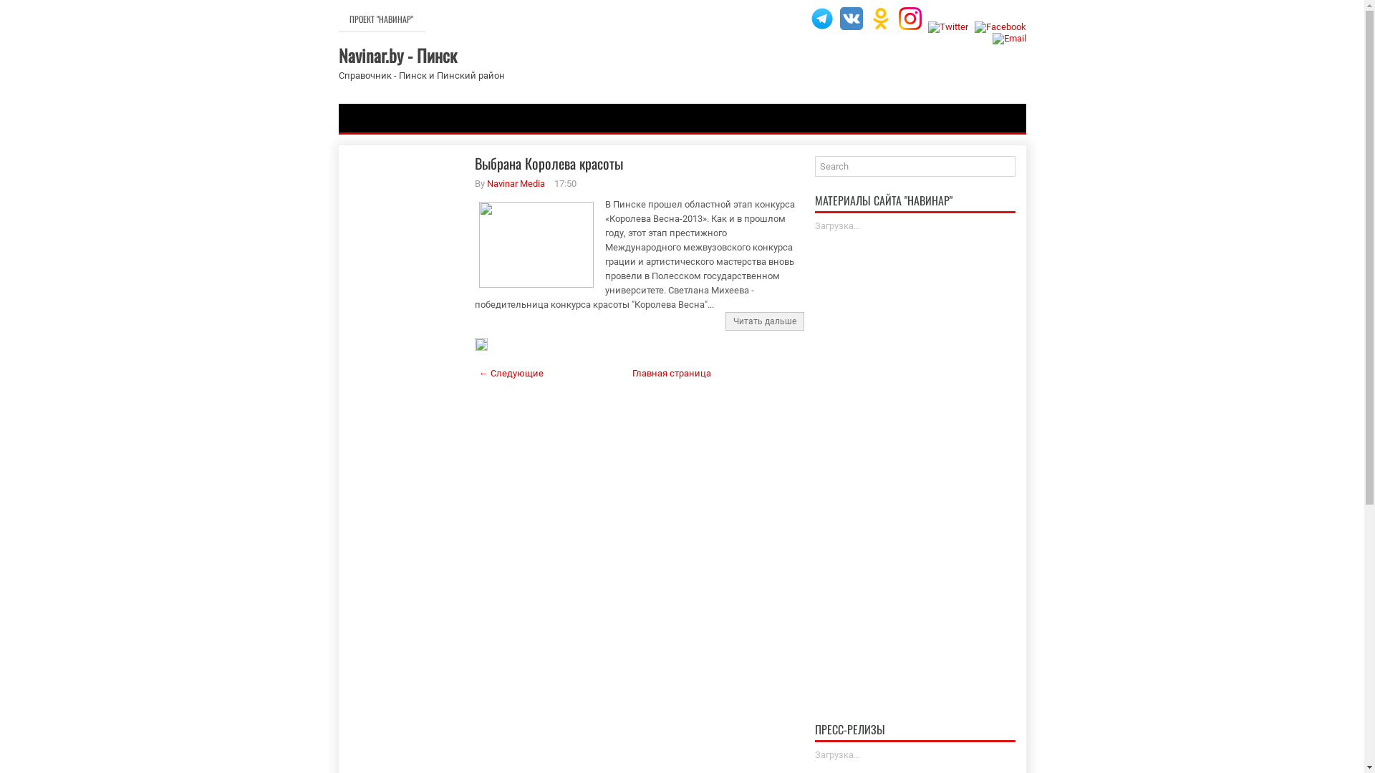 The width and height of the screenshot is (1375, 773). I want to click on 'Odnoklassniki', so click(879, 19).